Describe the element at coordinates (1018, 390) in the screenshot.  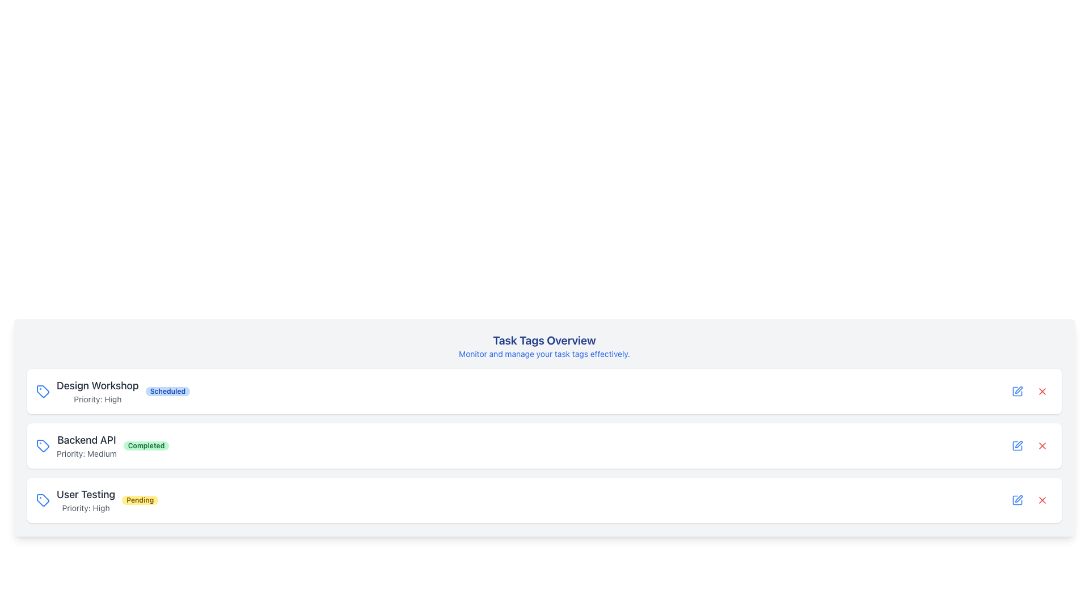
I see `the pen-shaped icon located within the interactive button on the far right of the first row in the 'Design Workshop' task entry to initiate an edit action` at that location.